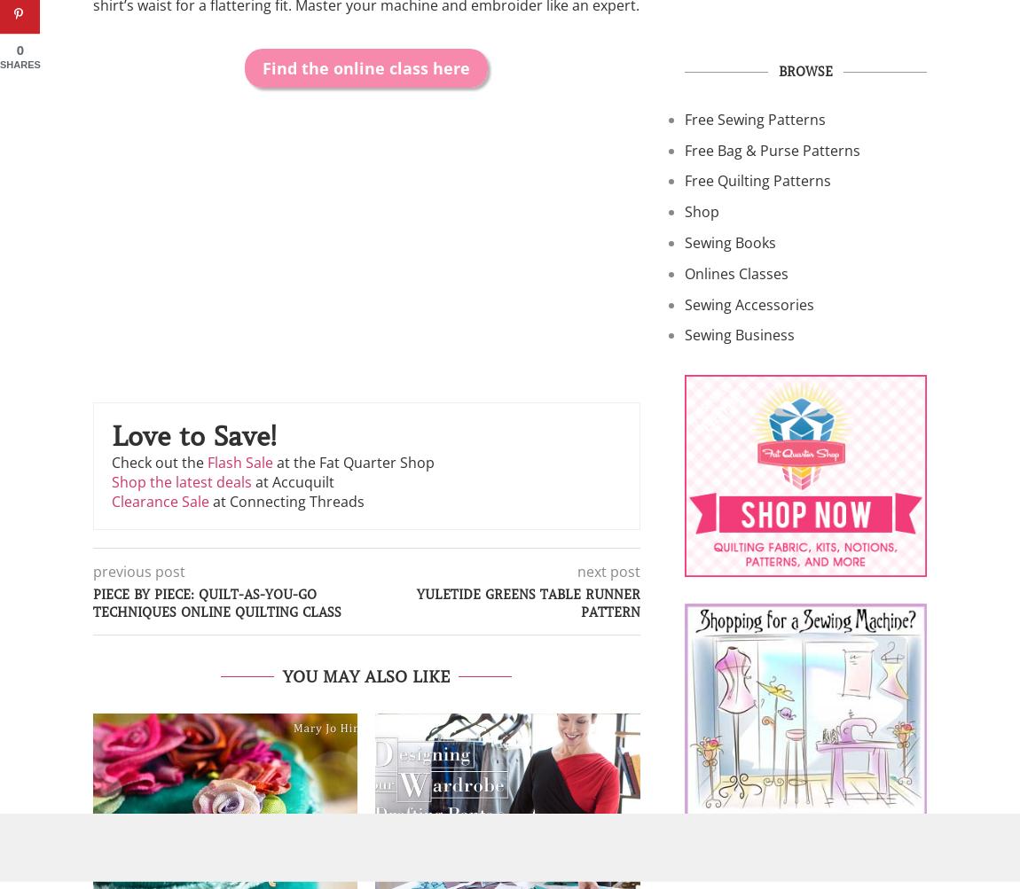 Image resolution: width=1020 pixels, height=889 pixels. Describe the element at coordinates (527, 603) in the screenshot. I see `'Yuletide Greens Table Runner Pattern'` at that location.